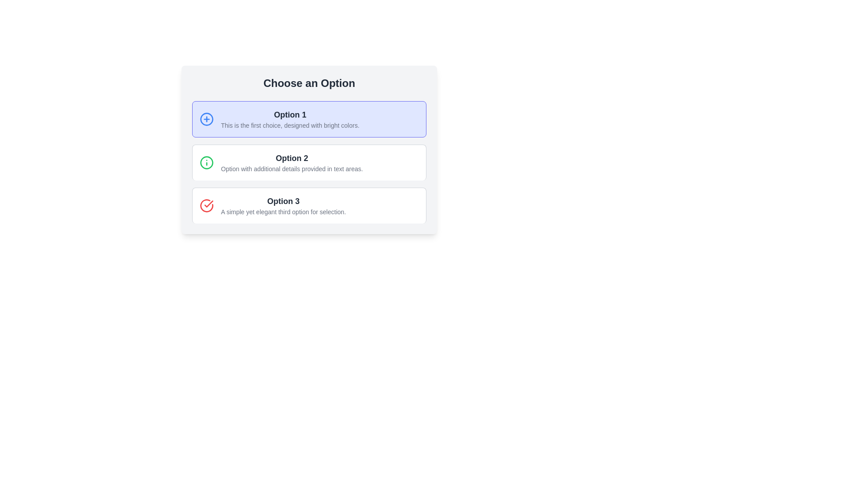  What do you see at coordinates (283, 201) in the screenshot?
I see `the text label that serves as the title for the third option, positioned within the third card above the descriptive text` at bounding box center [283, 201].